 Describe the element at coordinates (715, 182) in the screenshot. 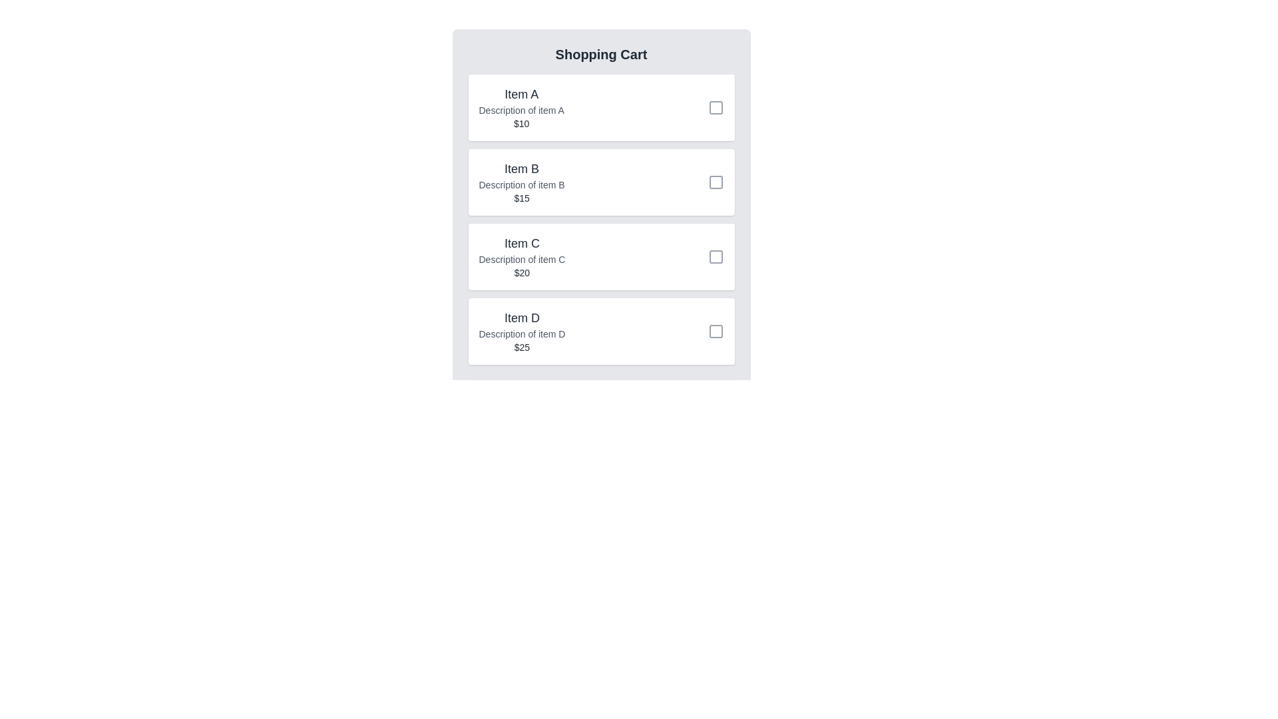

I see `the checkbox located in the 'Item B' section of the shopping cart interface` at that location.